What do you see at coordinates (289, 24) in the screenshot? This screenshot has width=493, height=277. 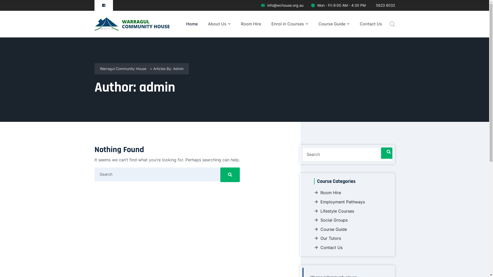 I see `'Enrol in Courses'` at bounding box center [289, 24].